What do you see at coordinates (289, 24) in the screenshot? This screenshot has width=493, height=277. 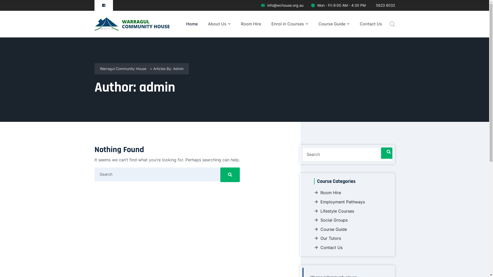 I see `'Enrol in Courses'` at bounding box center [289, 24].